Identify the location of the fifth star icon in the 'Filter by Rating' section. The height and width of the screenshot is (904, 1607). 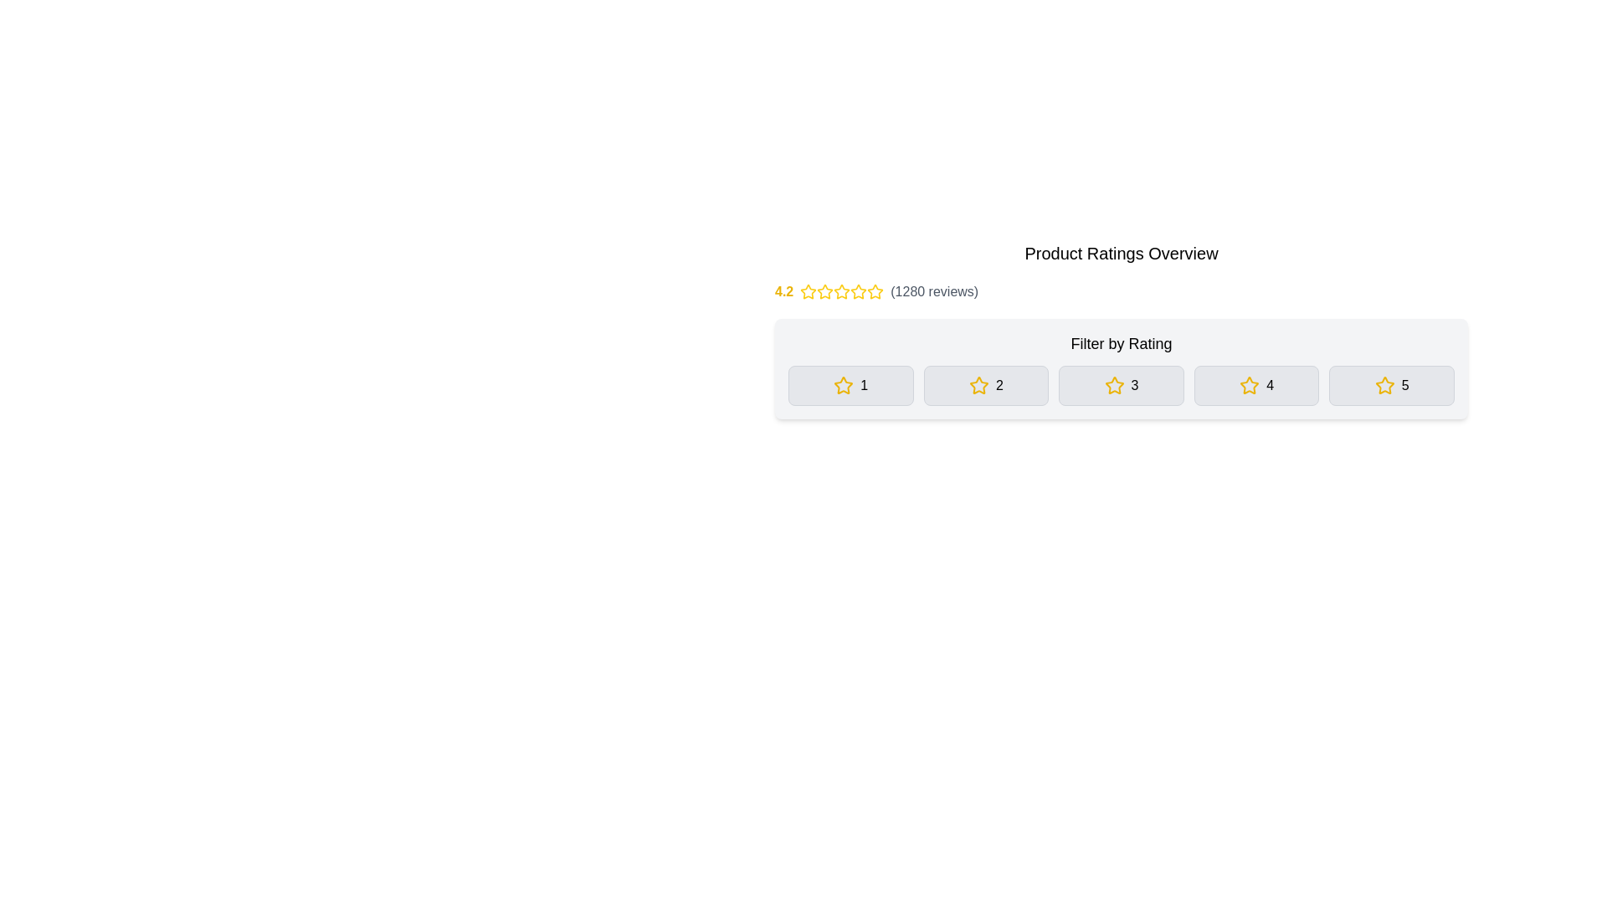
(1384, 385).